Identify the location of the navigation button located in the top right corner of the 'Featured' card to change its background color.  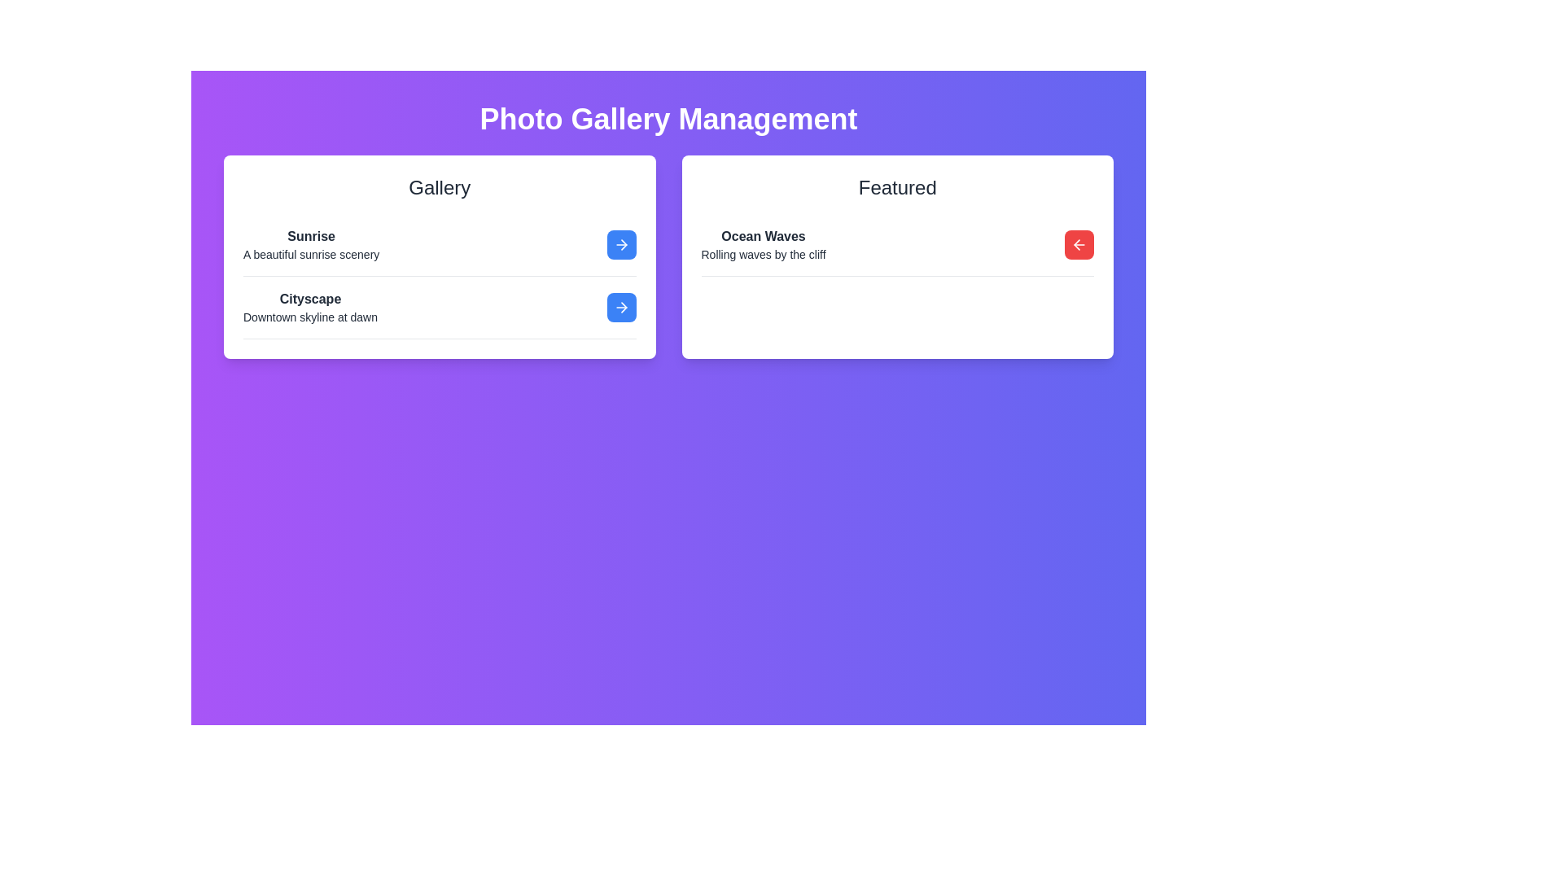
(1079, 244).